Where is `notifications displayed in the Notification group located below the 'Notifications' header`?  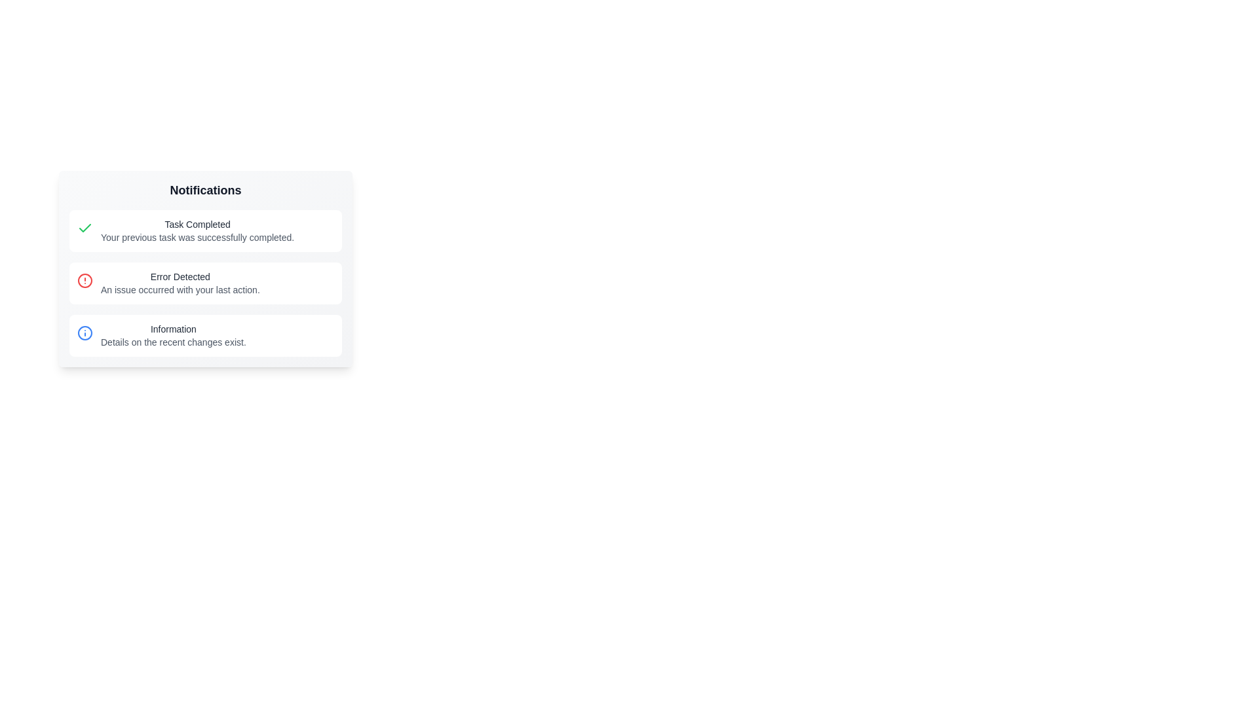
notifications displayed in the Notification group located below the 'Notifications' header is located at coordinates (204, 282).